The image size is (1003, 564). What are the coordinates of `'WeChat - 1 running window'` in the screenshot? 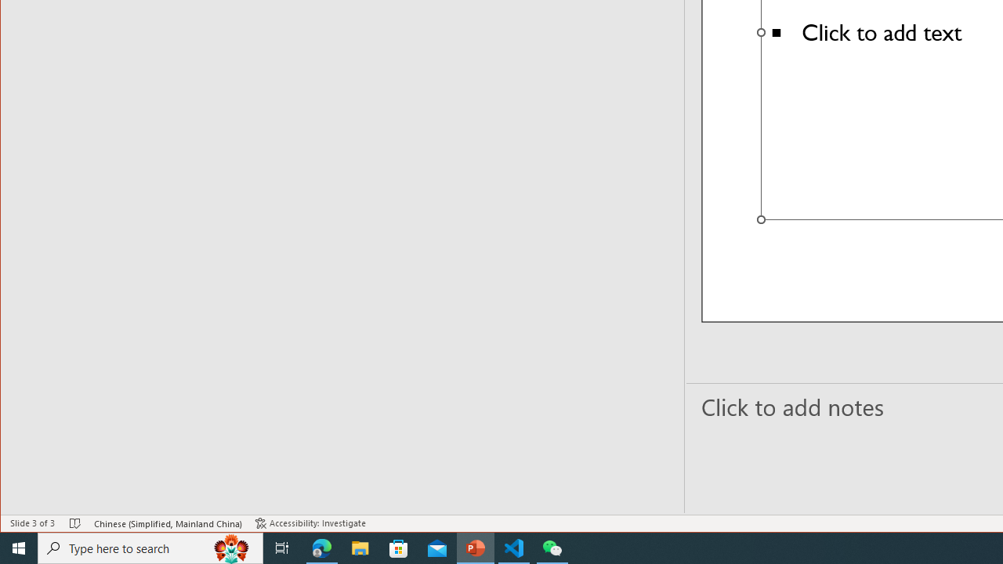 It's located at (552, 547).